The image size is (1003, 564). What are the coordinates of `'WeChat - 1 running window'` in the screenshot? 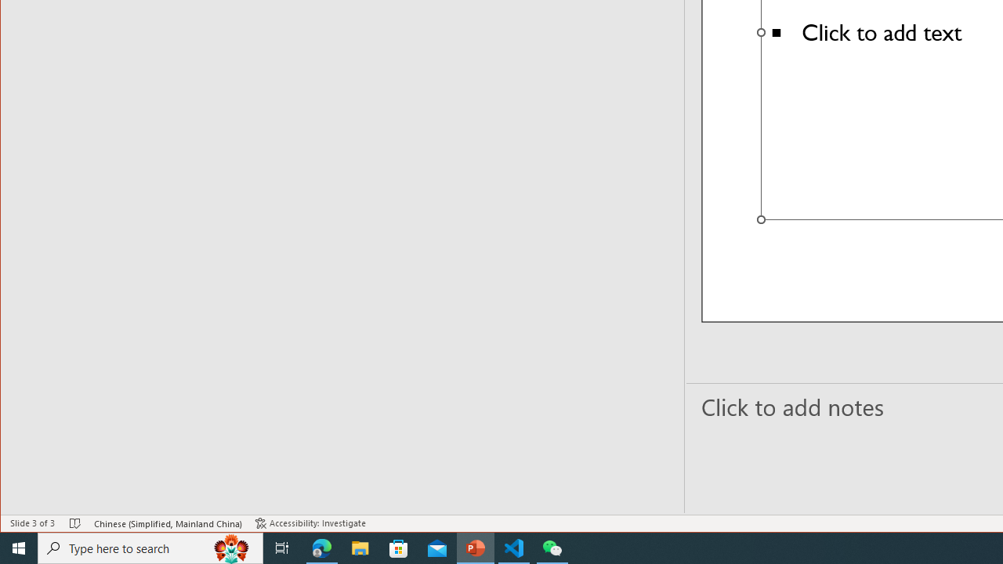 It's located at (552, 547).